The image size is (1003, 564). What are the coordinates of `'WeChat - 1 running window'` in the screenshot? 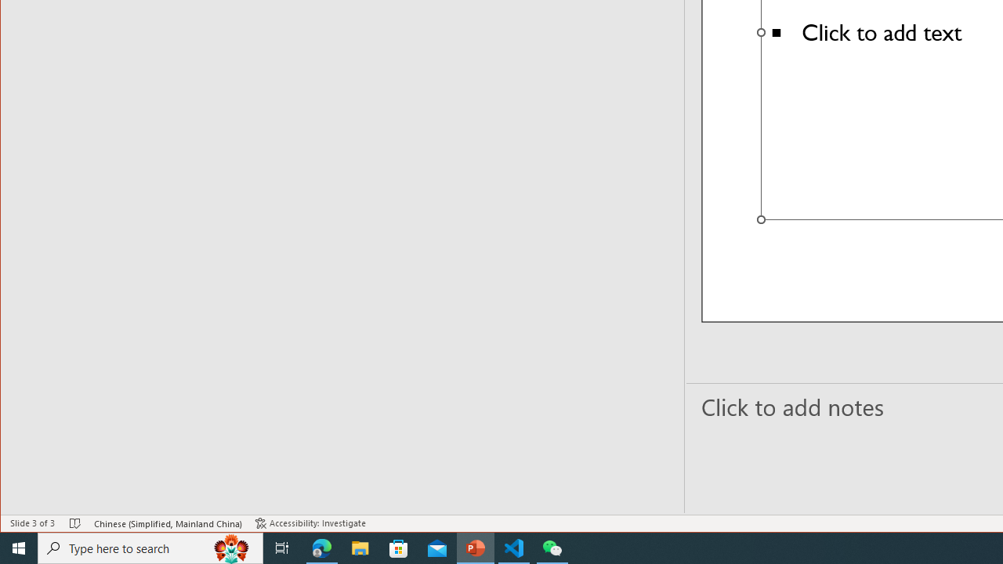 It's located at (552, 547).